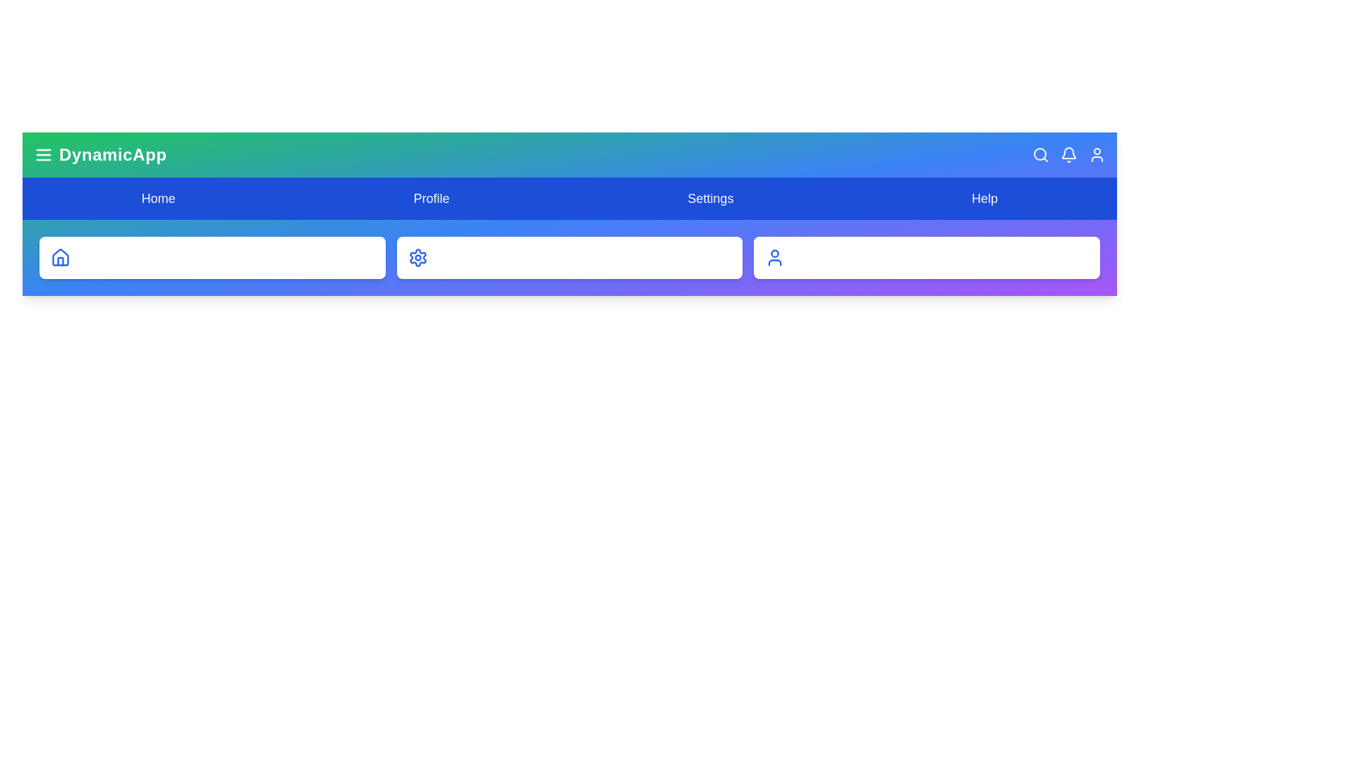 This screenshot has height=761, width=1354. What do you see at coordinates (1041, 154) in the screenshot?
I see `the Search button` at bounding box center [1041, 154].